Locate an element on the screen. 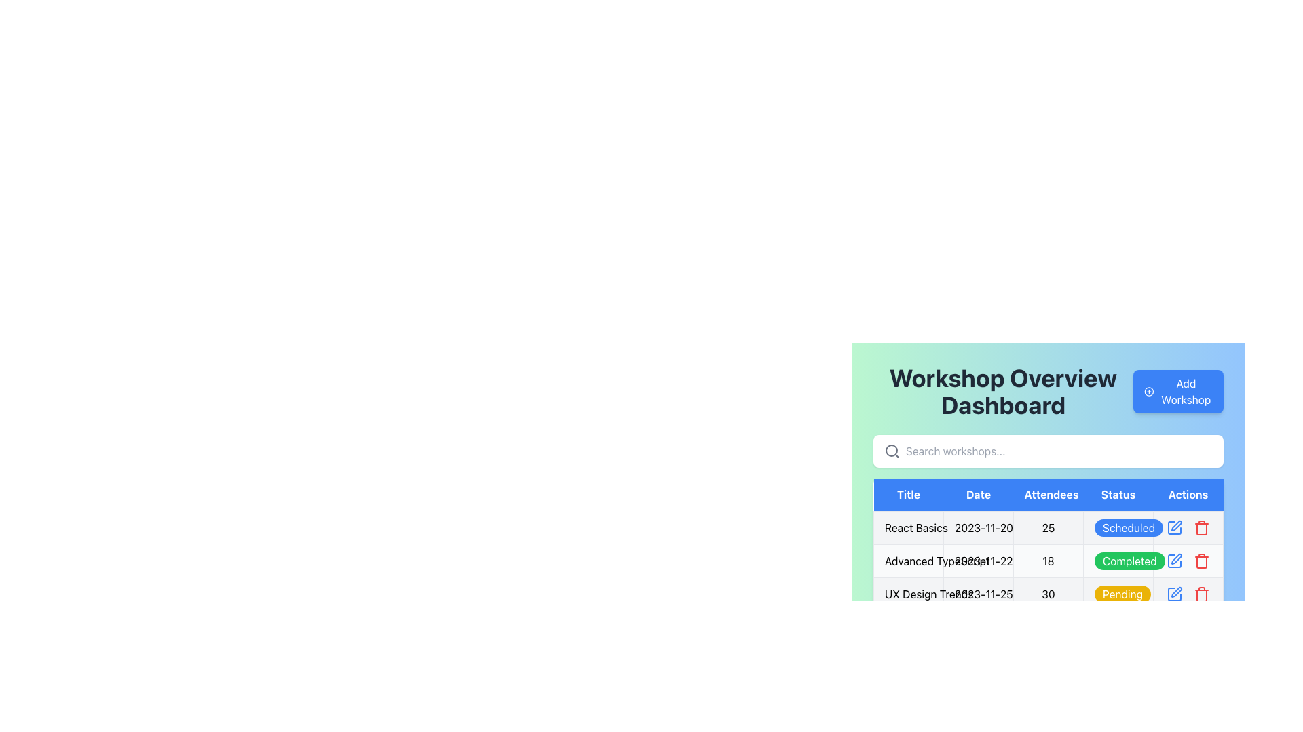 The width and height of the screenshot is (1303, 732). the Static Text Element displaying the attendee count for the 'Advanced TypeScript' workshop, located in the 'Attendees' column, which is non-interactive and serves an informational purpose is located at coordinates (1048, 561).